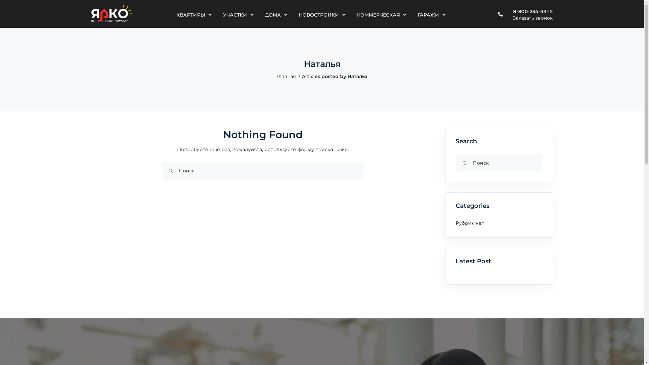 This screenshot has height=365, width=649. I want to click on '8-800-234-33-12', so click(532, 11).